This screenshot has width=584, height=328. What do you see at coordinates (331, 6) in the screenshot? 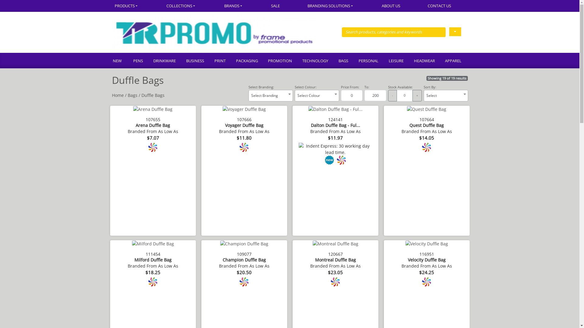
I see `'BRANDING SOLUTIONS'` at bounding box center [331, 6].